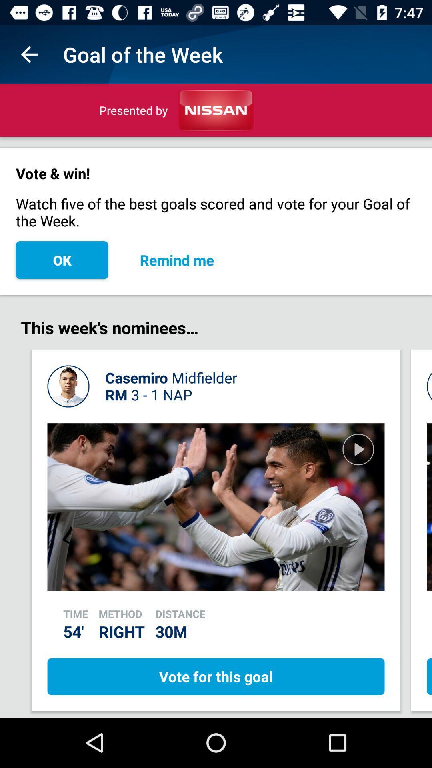 This screenshot has height=768, width=432. Describe the element at coordinates (176, 260) in the screenshot. I see `icon below watch five of icon` at that location.